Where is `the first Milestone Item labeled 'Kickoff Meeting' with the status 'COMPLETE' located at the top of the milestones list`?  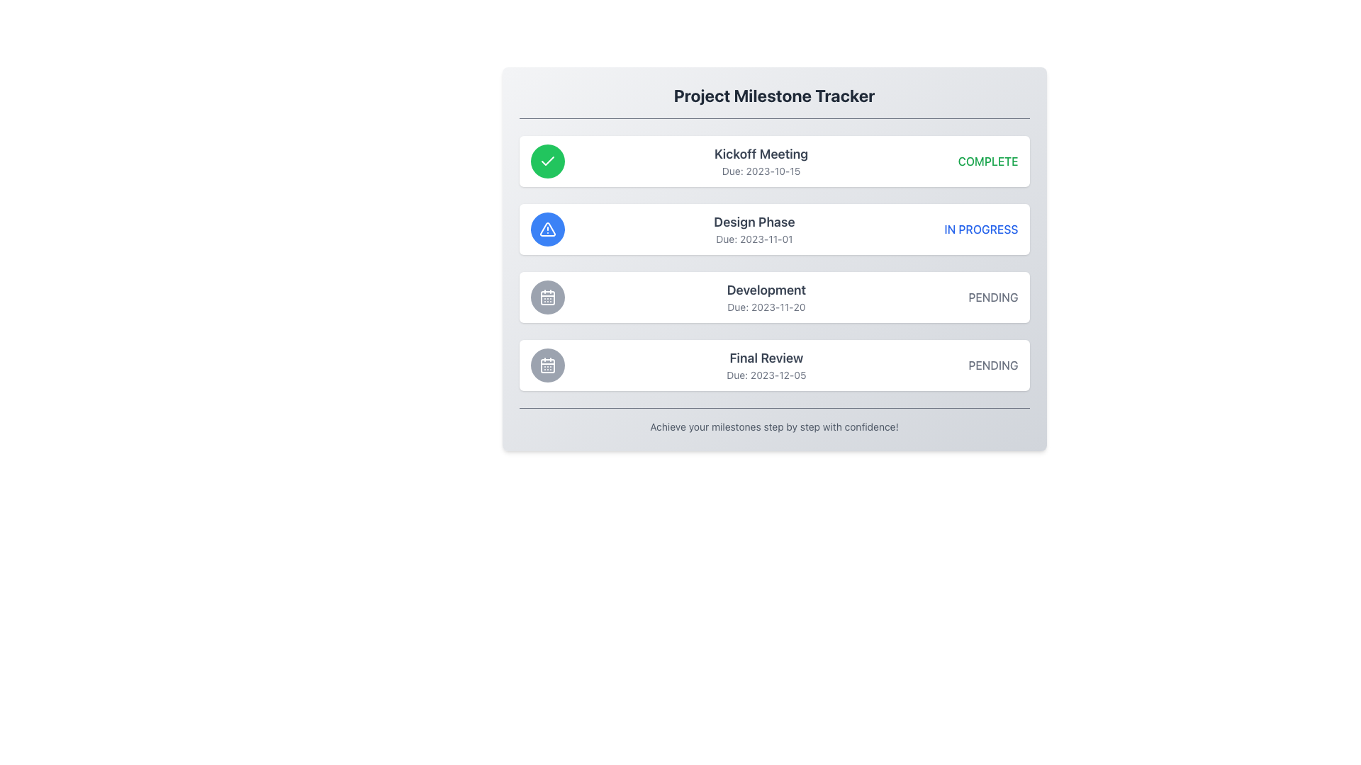 the first Milestone Item labeled 'Kickoff Meeting' with the status 'COMPLETE' located at the top of the milestones list is located at coordinates (773, 160).